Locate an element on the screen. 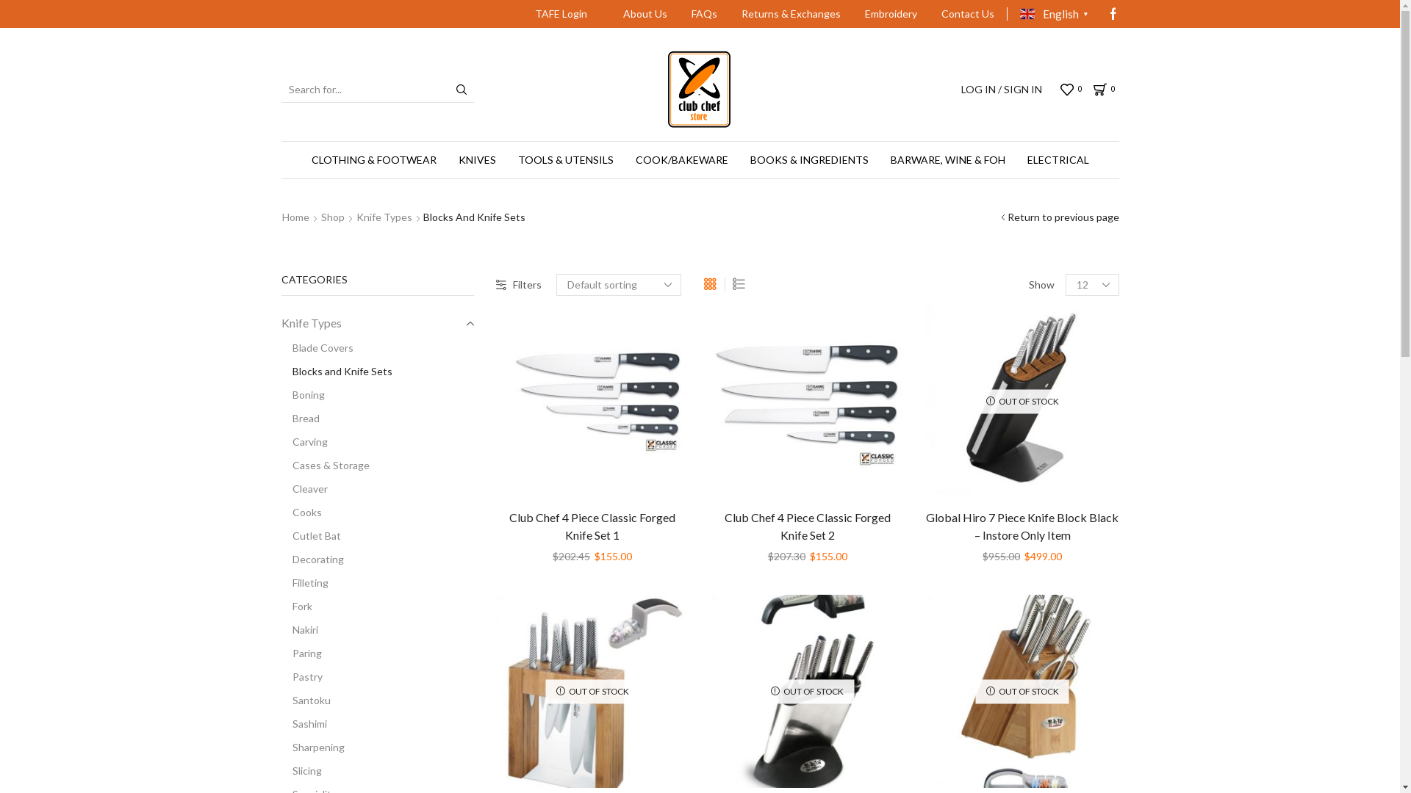 The height and width of the screenshot is (793, 1411). 'LOG IN / SIGN IN' is located at coordinates (1001, 90).